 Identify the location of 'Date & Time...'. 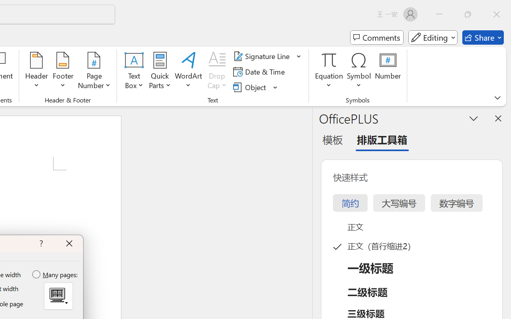
(260, 71).